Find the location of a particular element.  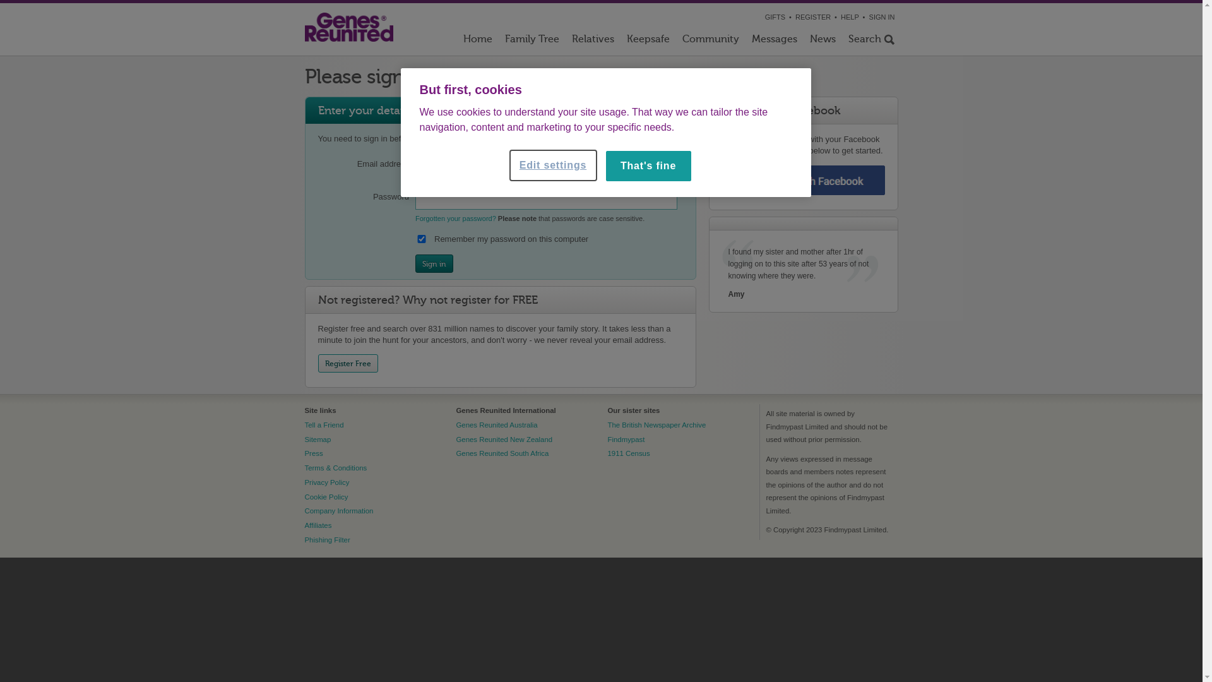

'That's fine' is located at coordinates (648, 165).